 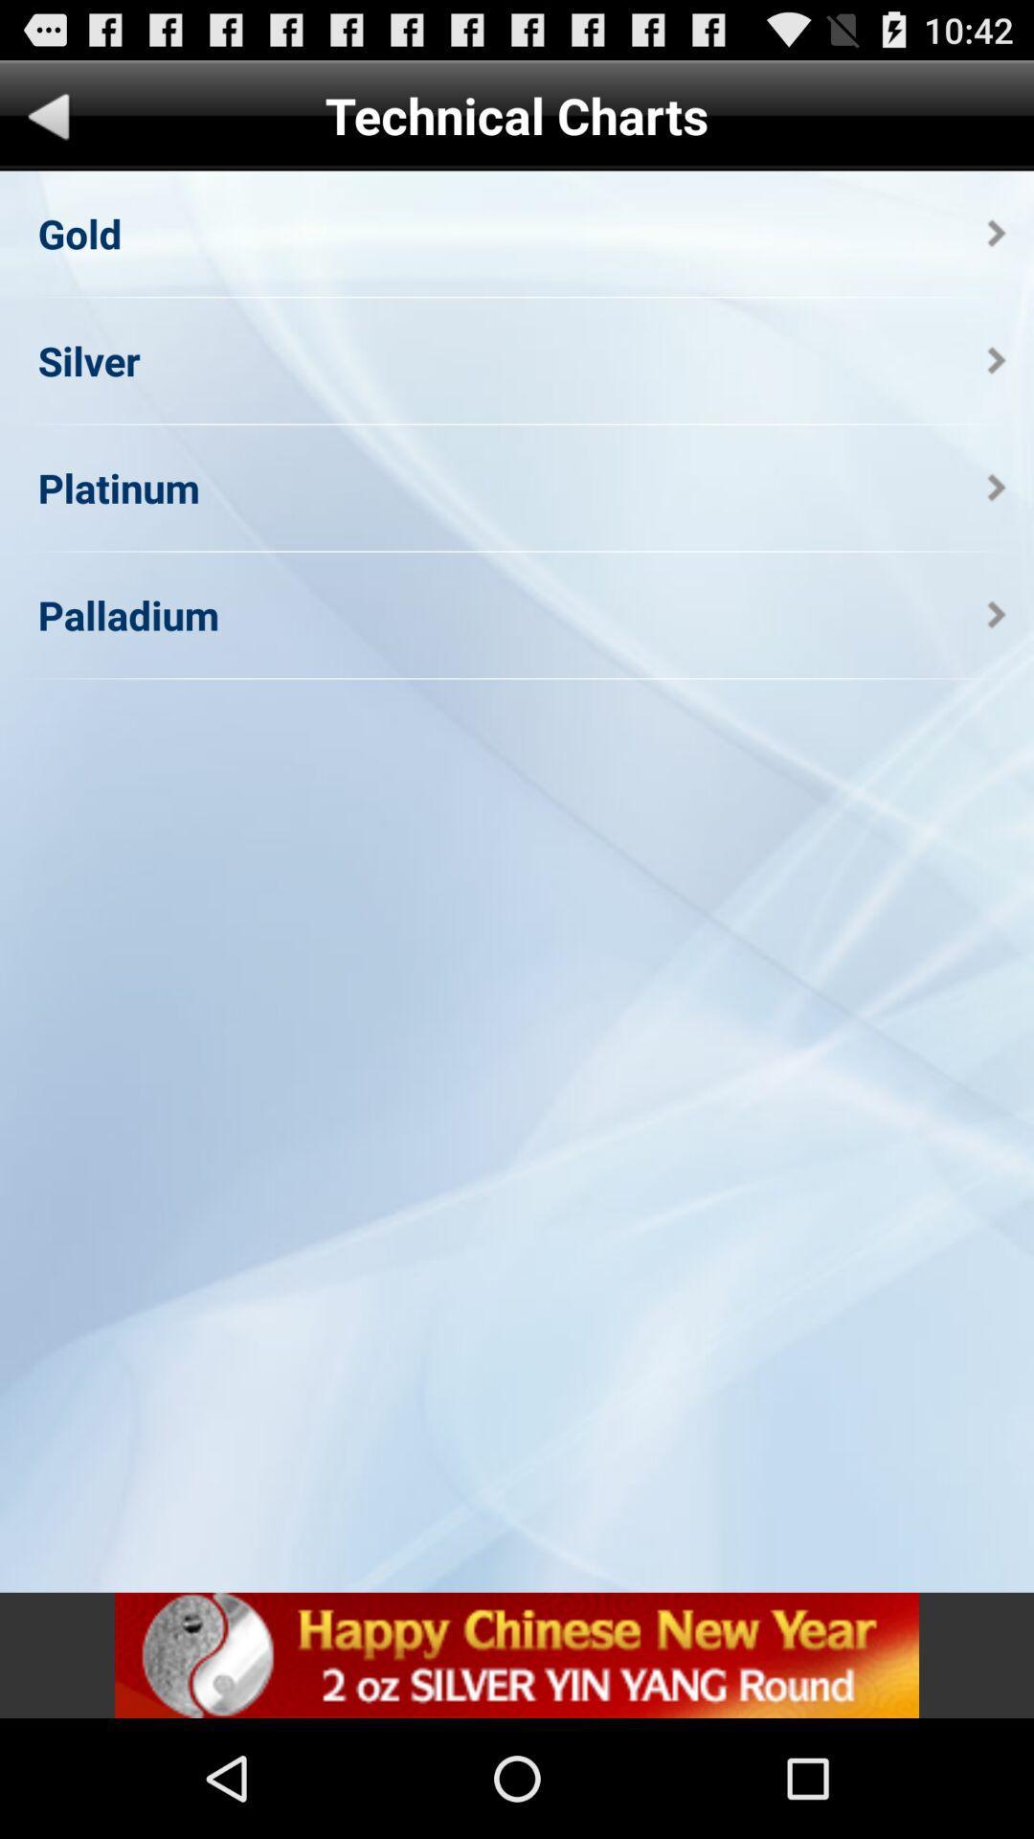 What do you see at coordinates (517, 1654) in the screenshot?
I see `advertisement banner` at bounding box center [517, 1654].